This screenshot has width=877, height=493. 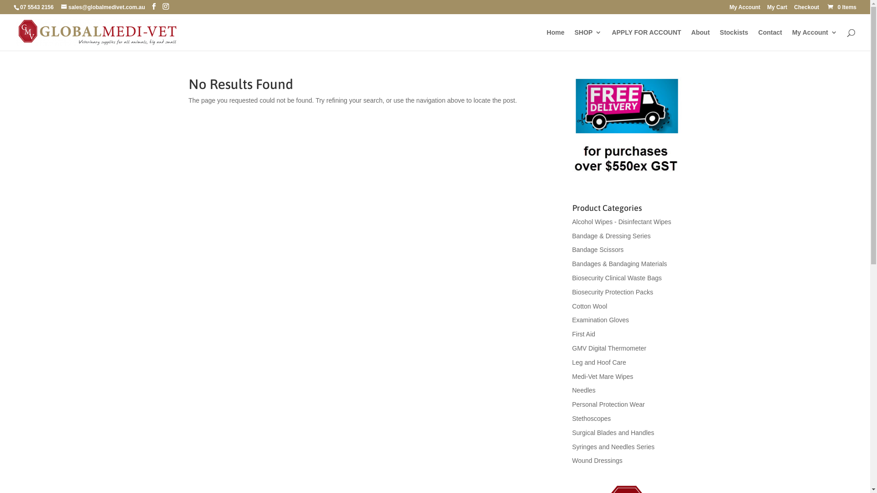 What do you see at coordinates (608, 404) in the screenshot?
I see `'Personal Protection Wear'` at bounding box center [608, 404].